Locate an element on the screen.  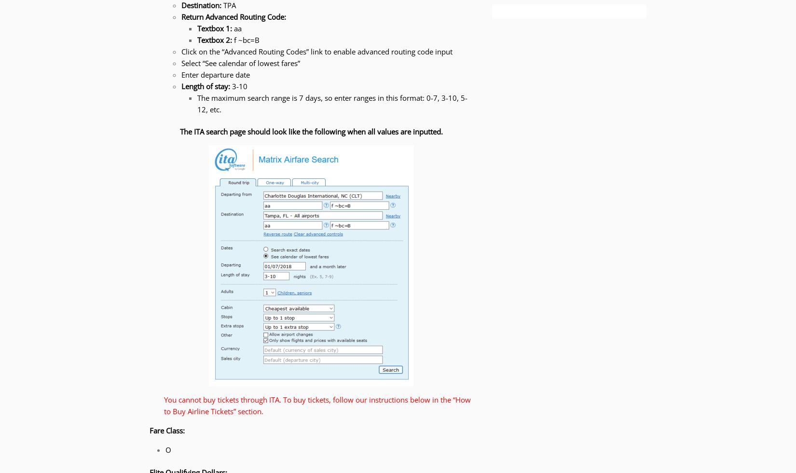
'Select “See calendar of lowest fares”' is located at coordinates (240, 62).